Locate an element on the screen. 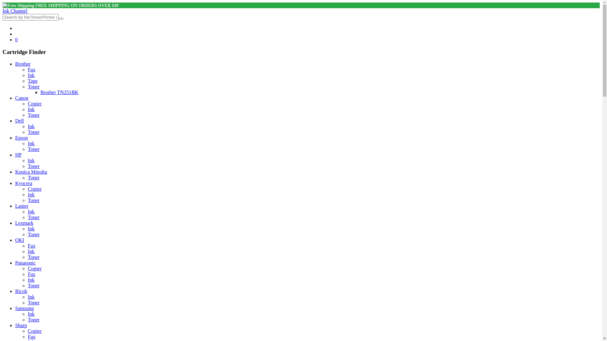 The width and height of the screenshot is (607, 341). 'Konica Minolta' is located at coordinates (31, 172).